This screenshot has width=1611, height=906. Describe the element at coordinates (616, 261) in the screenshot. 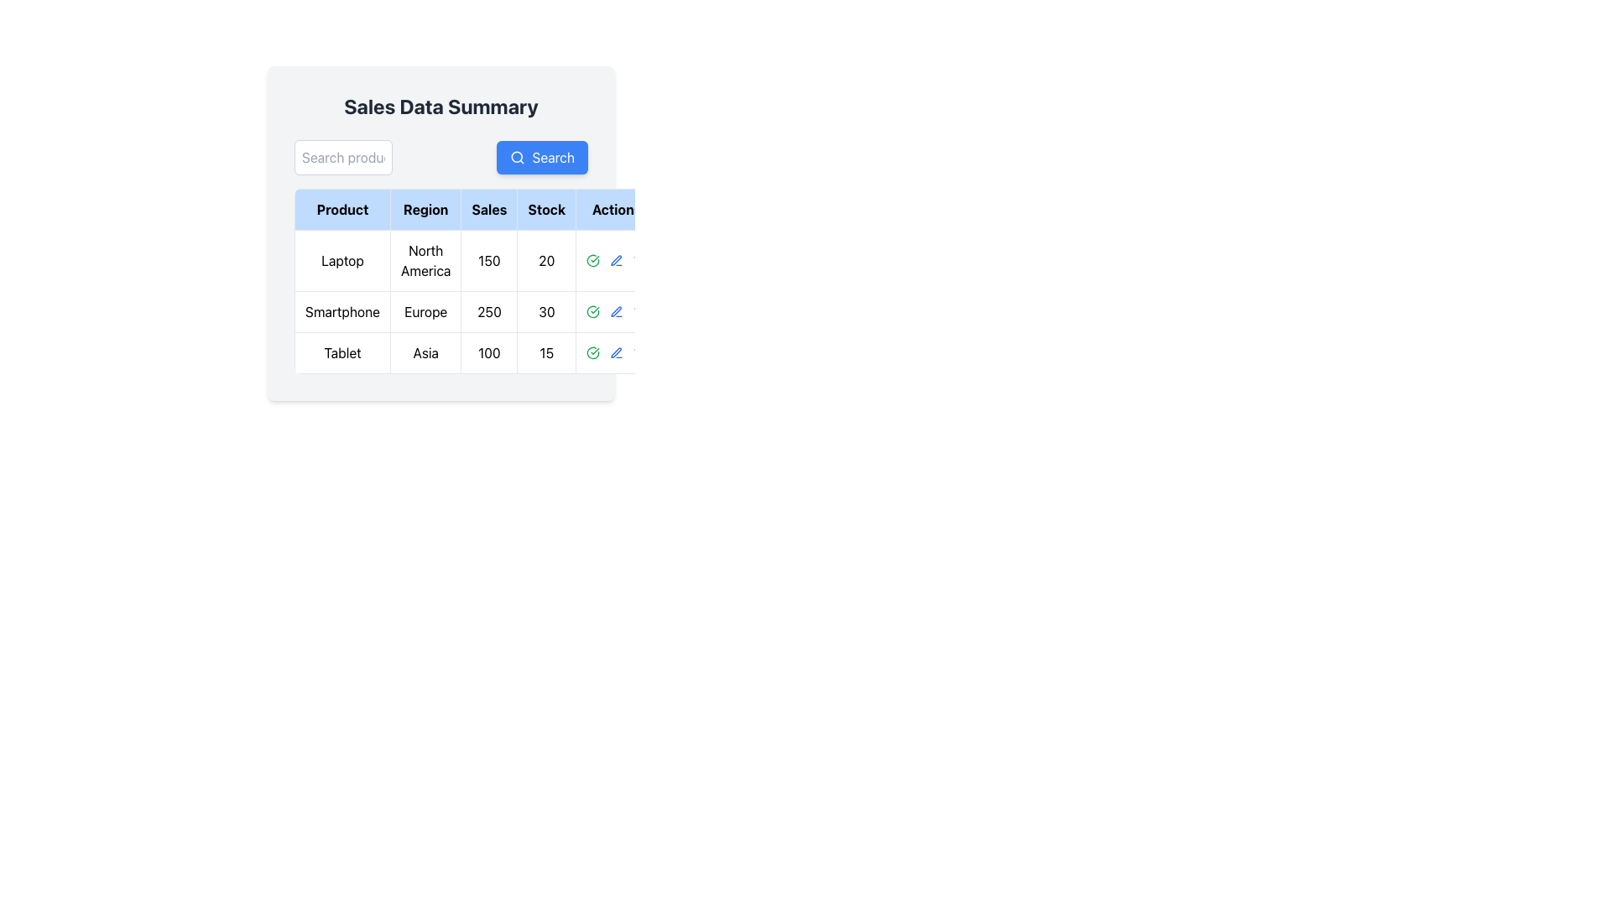

I see `the small blue pencil icon button located in the first row of the 'Action' column of the table for the 'Laptop' product` at that location.